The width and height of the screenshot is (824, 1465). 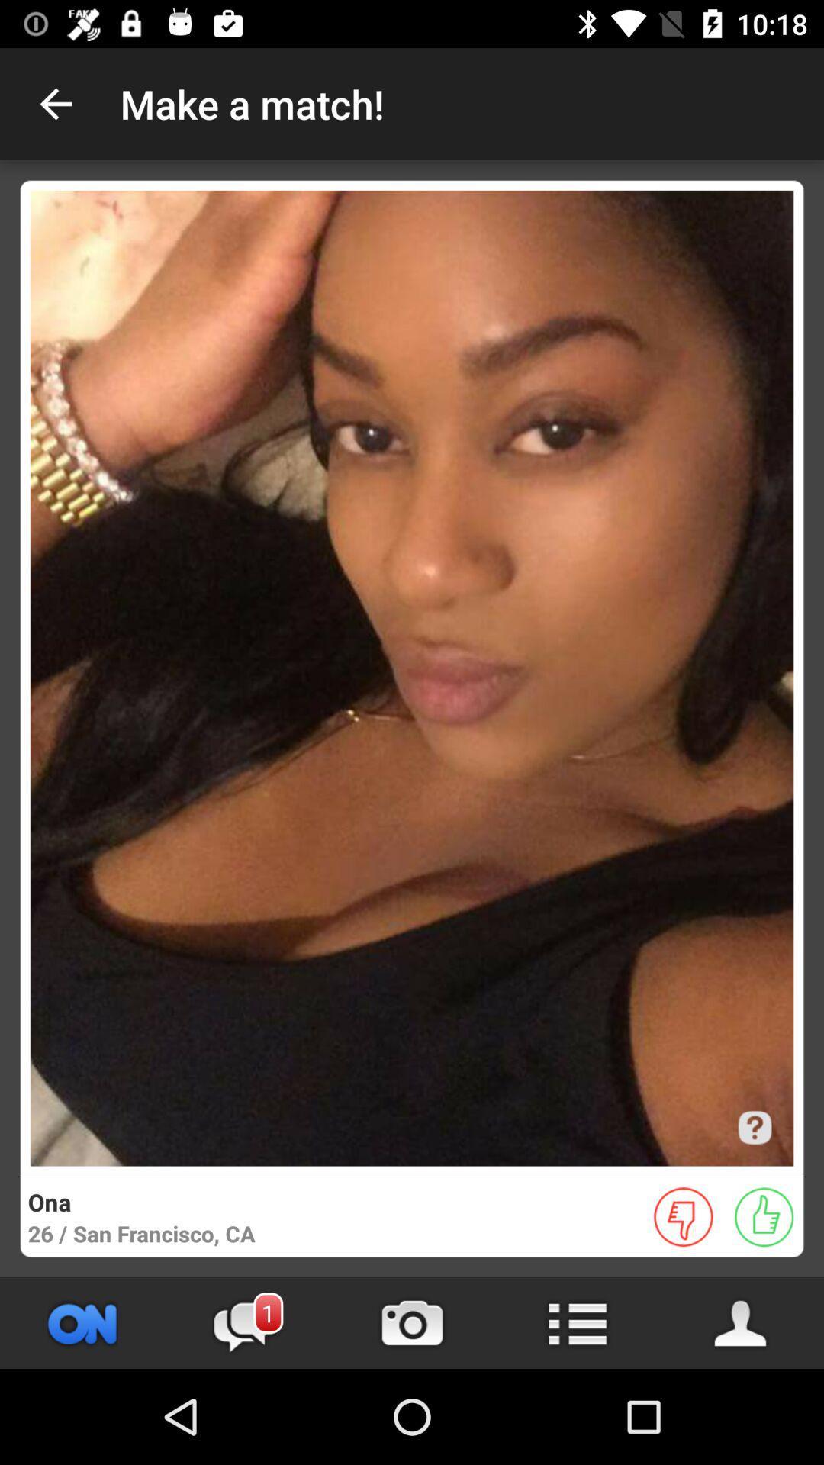 I want to click on dislike icon left to like icon, so click(x=683, y=1216).